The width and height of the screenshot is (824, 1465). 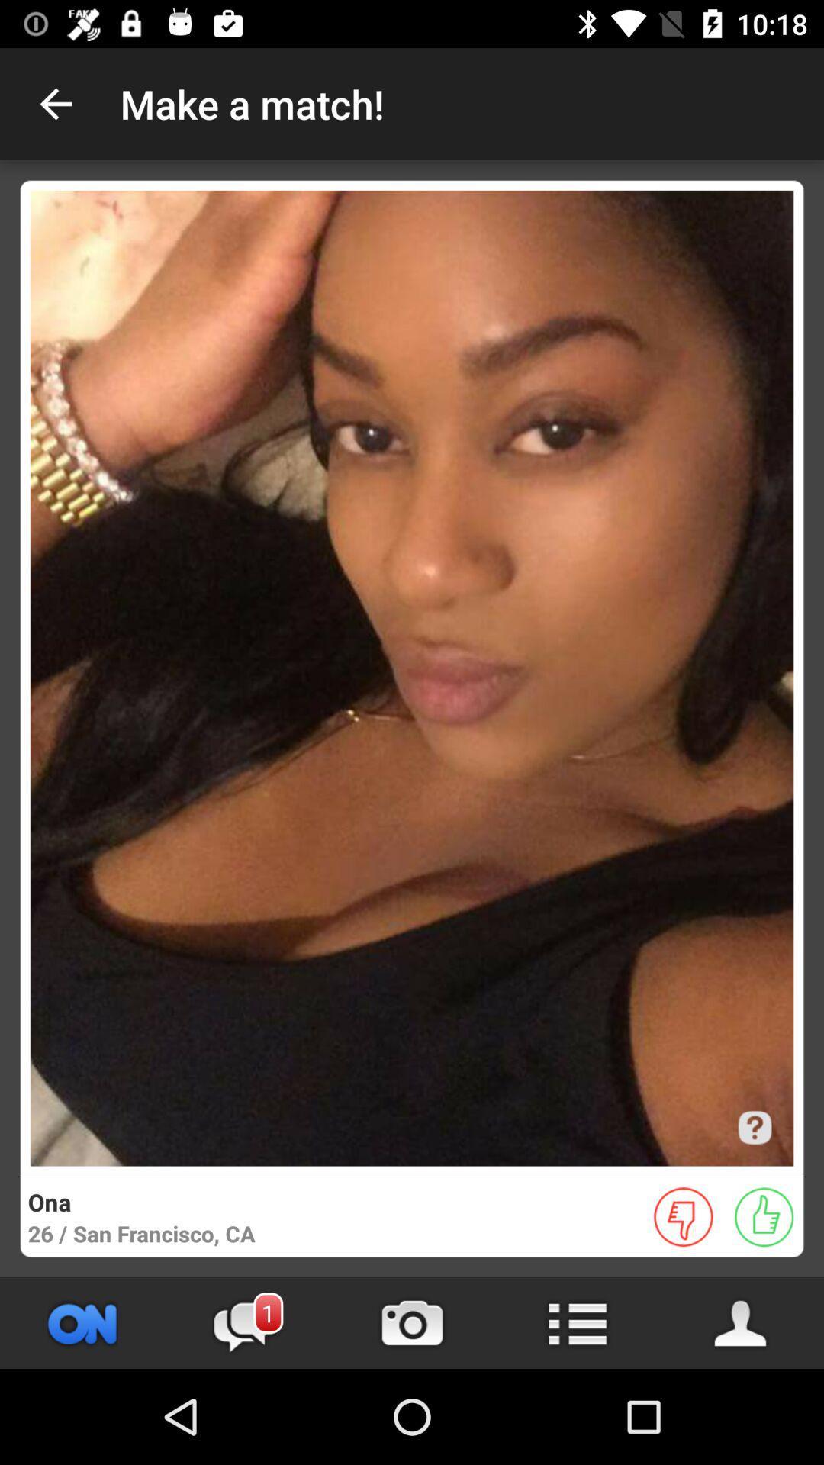 I want to click on dislike icon left to like icon, so click(x=683, y=1216).